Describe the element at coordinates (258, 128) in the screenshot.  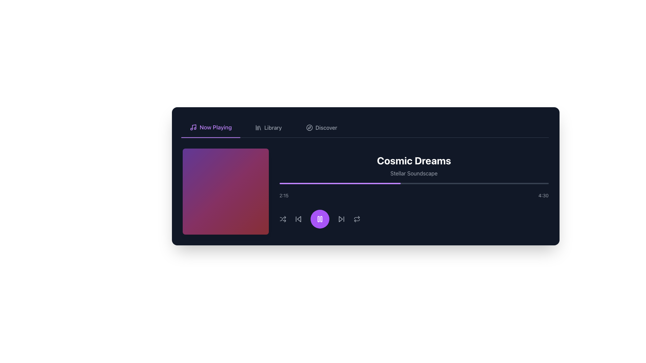
I see `the SVG library icon located in the navigation bar, which resembles books on a shelf` at that location.